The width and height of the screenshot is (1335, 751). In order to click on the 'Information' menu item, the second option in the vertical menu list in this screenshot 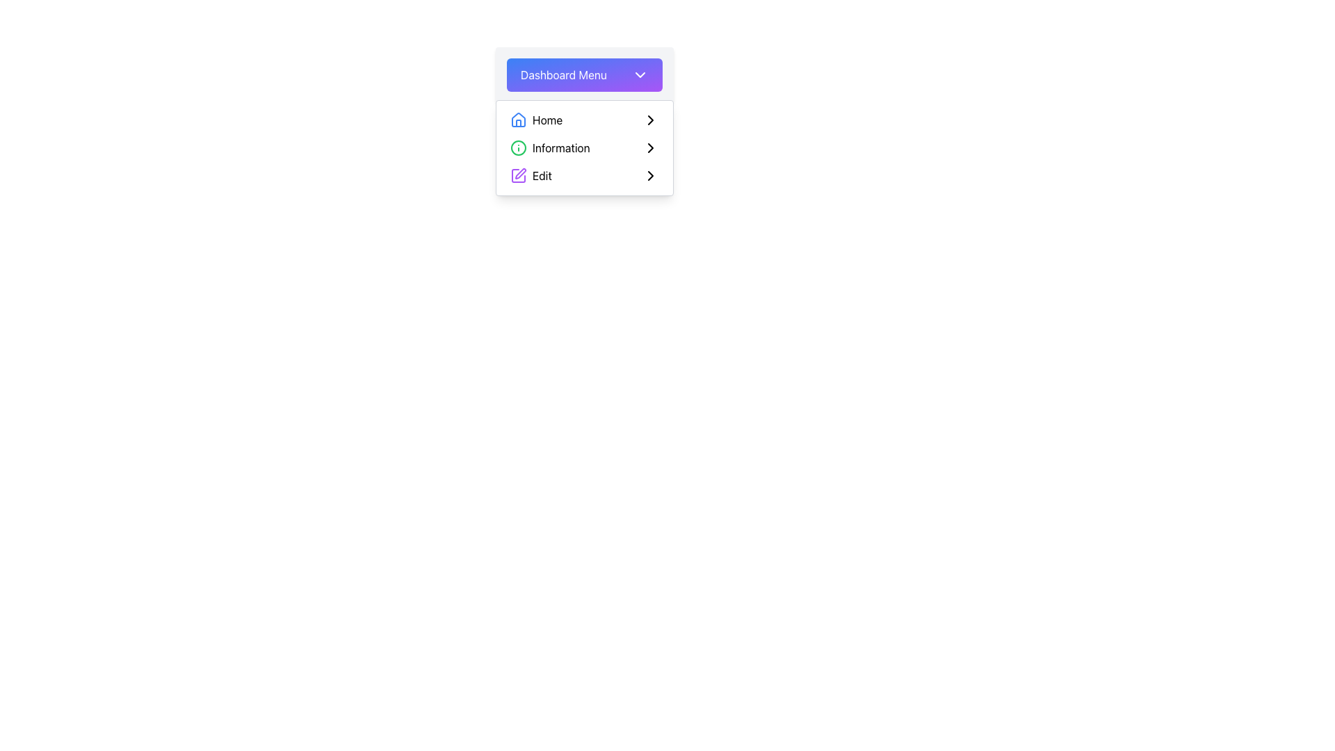, I will do `click(584, 147)`.